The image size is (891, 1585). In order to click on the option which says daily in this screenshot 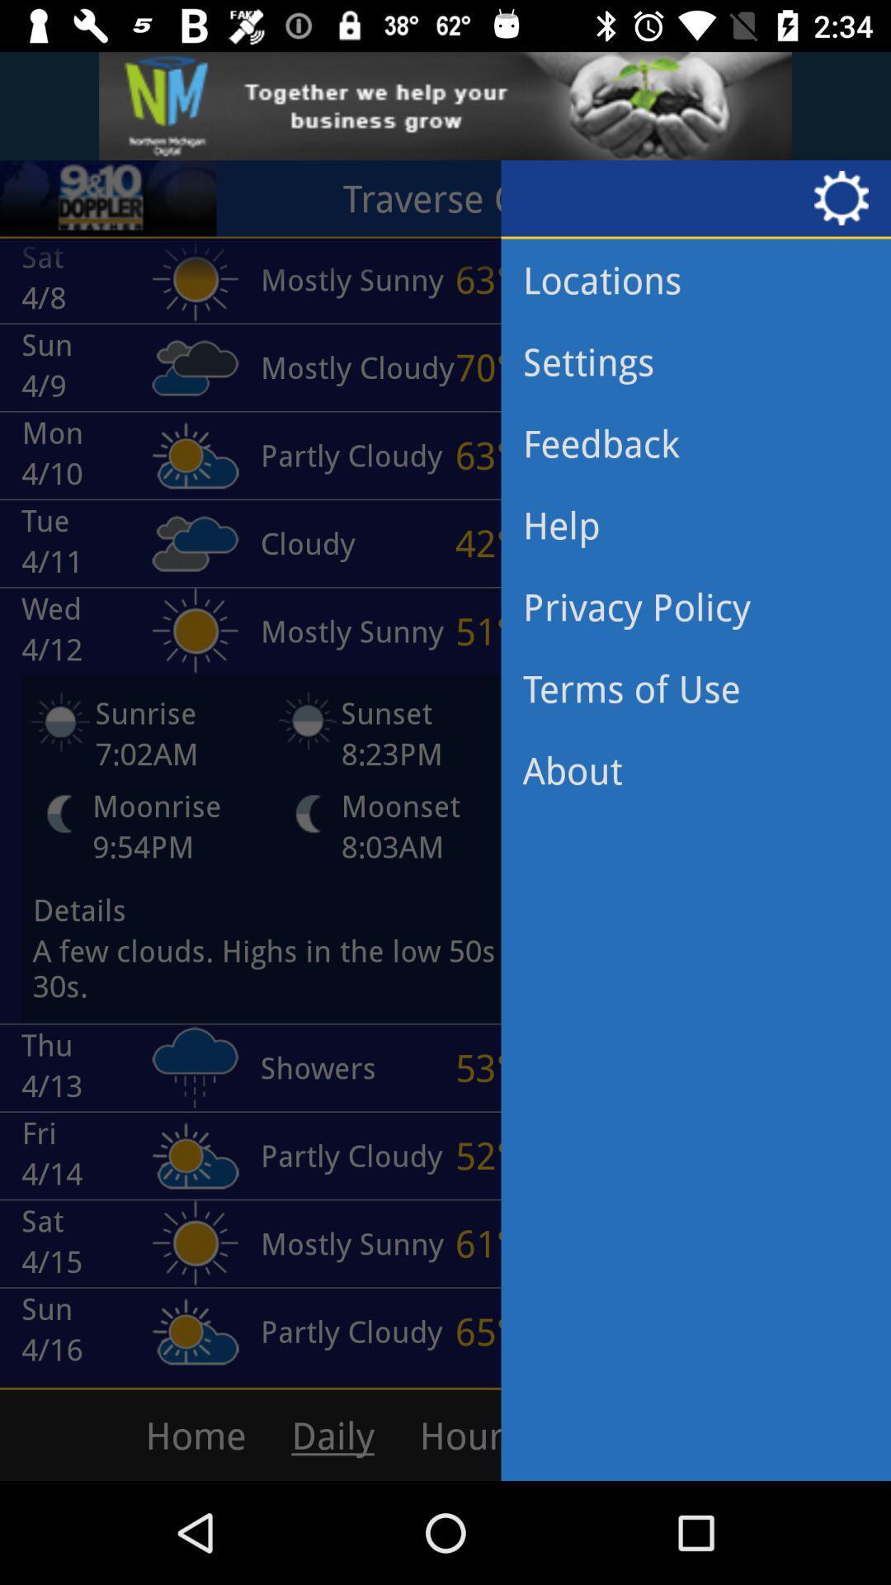, I will do `click(343, 1434)`.